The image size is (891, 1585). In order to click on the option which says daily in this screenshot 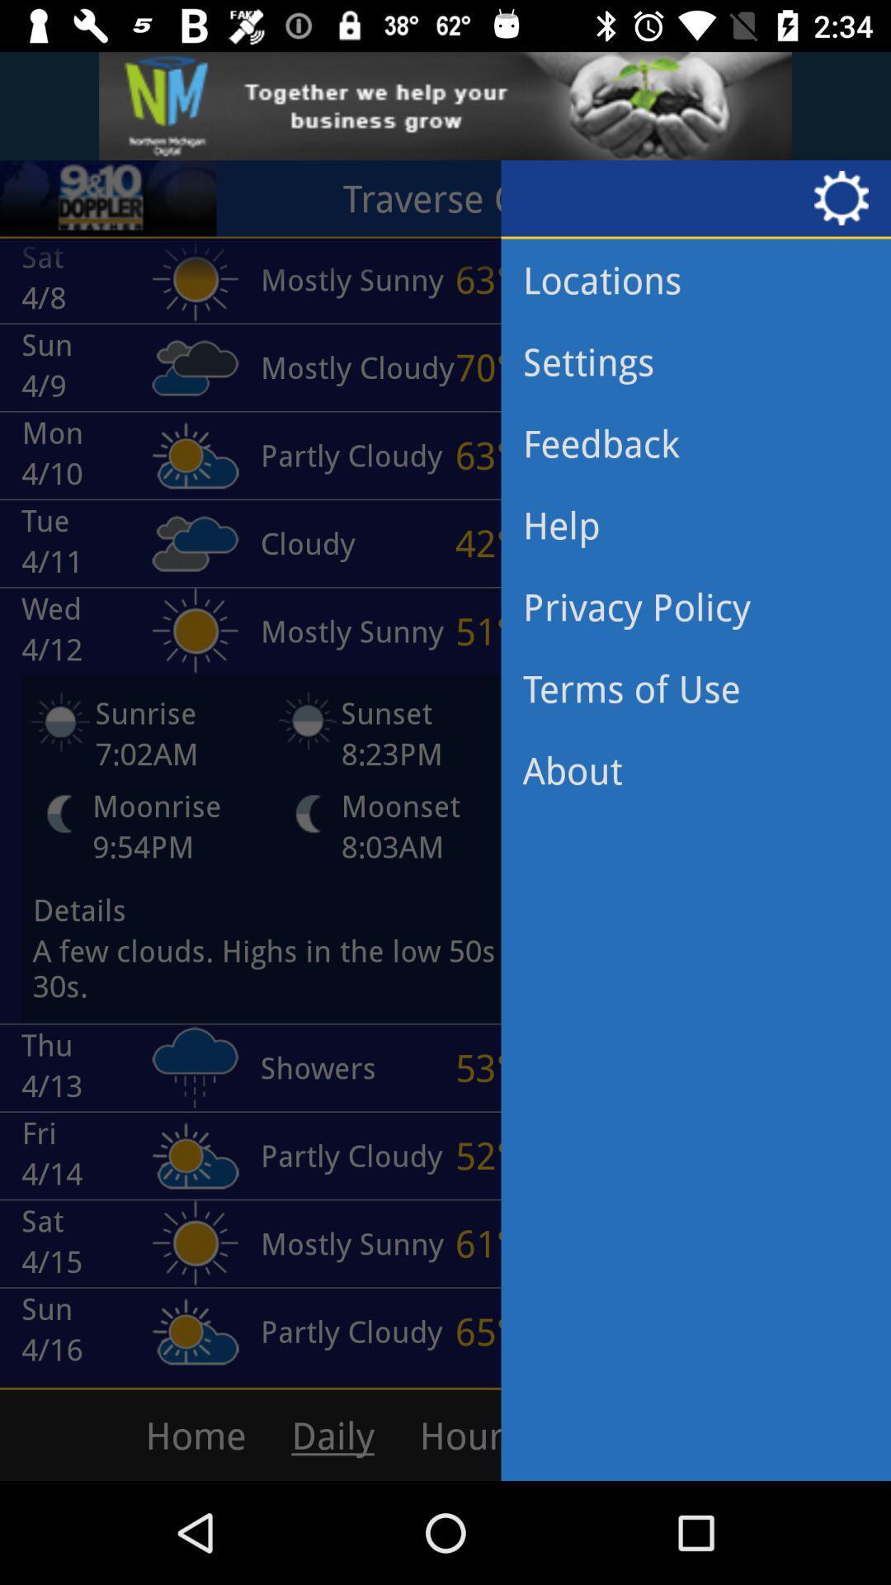, I will do `click(343, 1434)`.